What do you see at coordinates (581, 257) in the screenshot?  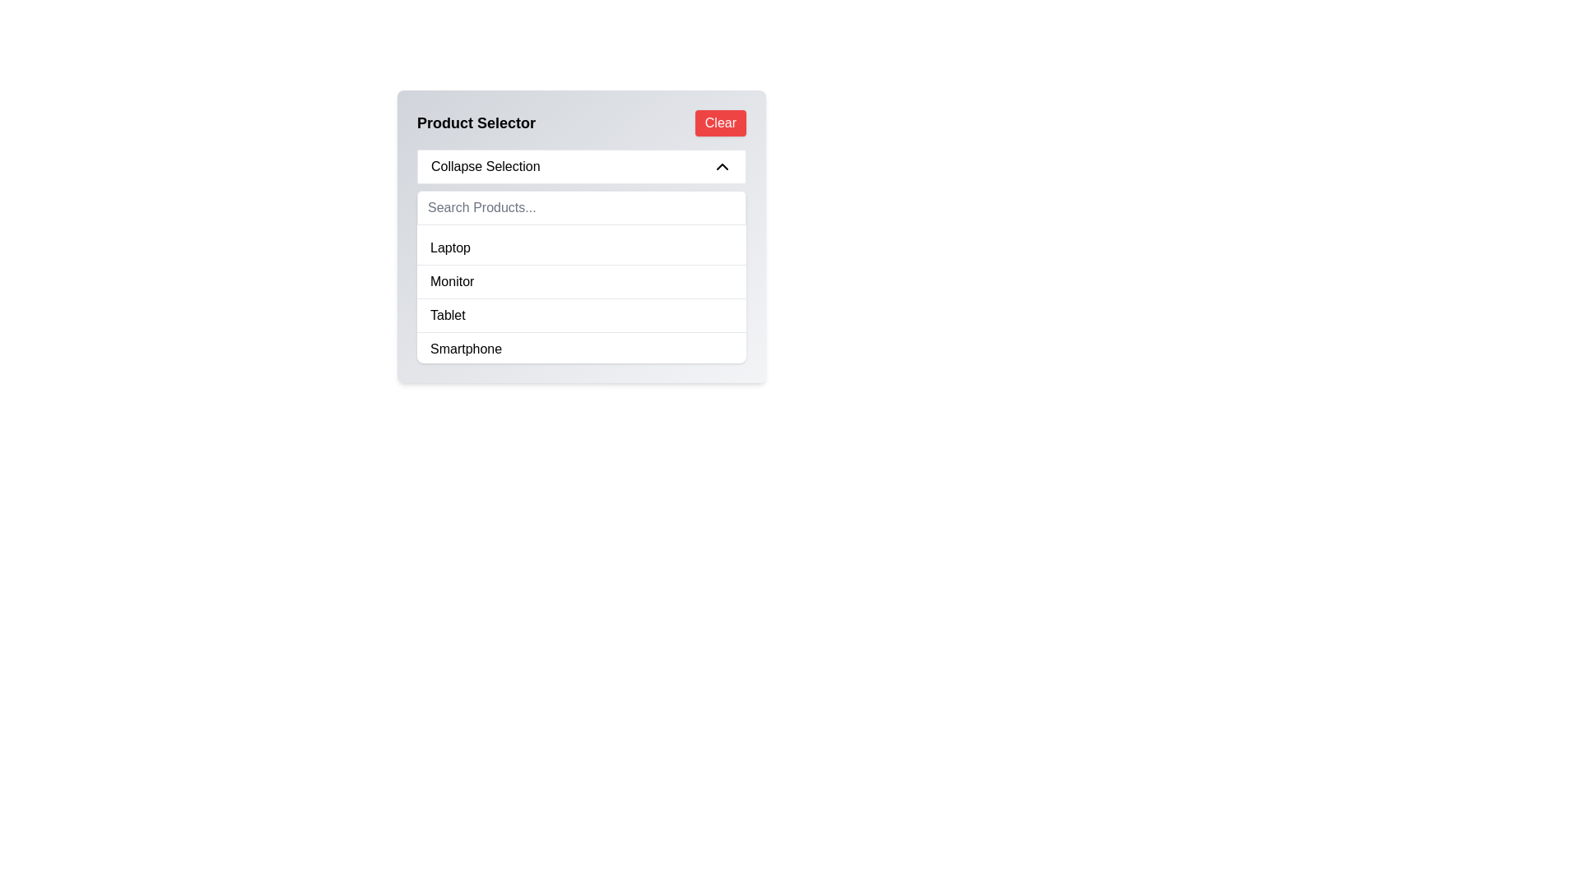 I see `to select the 'Laptop' entry in the dropdown list, which is the first item in the 'Product Selector' UI component` at bounding box center [581, 257].